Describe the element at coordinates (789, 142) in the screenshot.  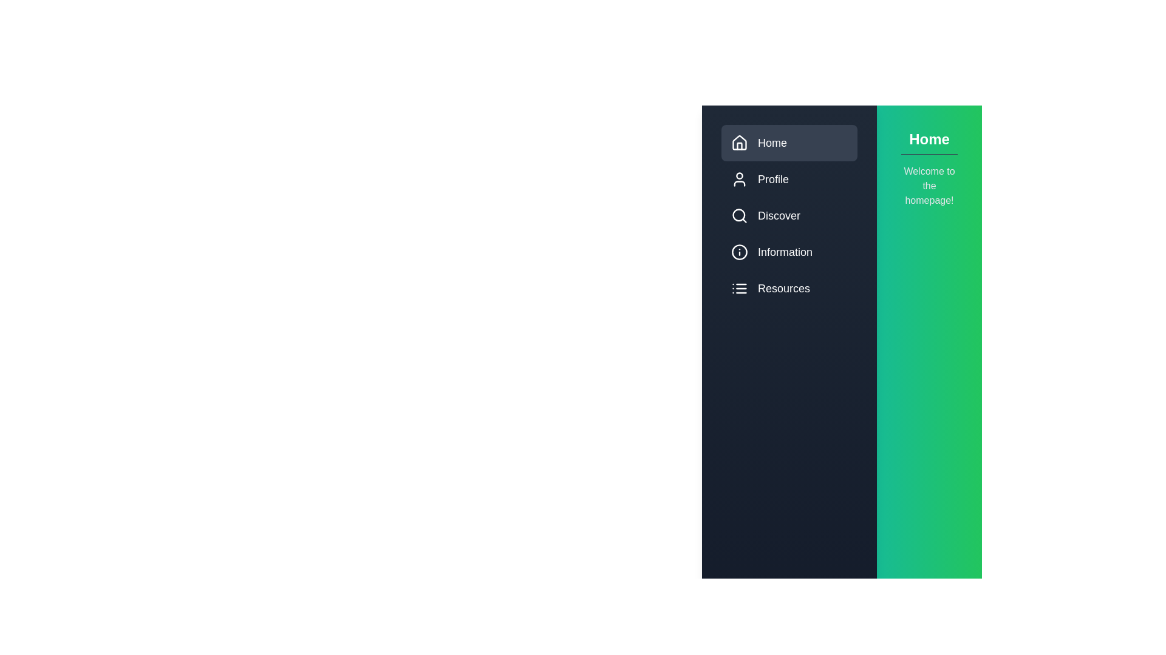
I see `the menu item Home to preview its interaction` at that location.